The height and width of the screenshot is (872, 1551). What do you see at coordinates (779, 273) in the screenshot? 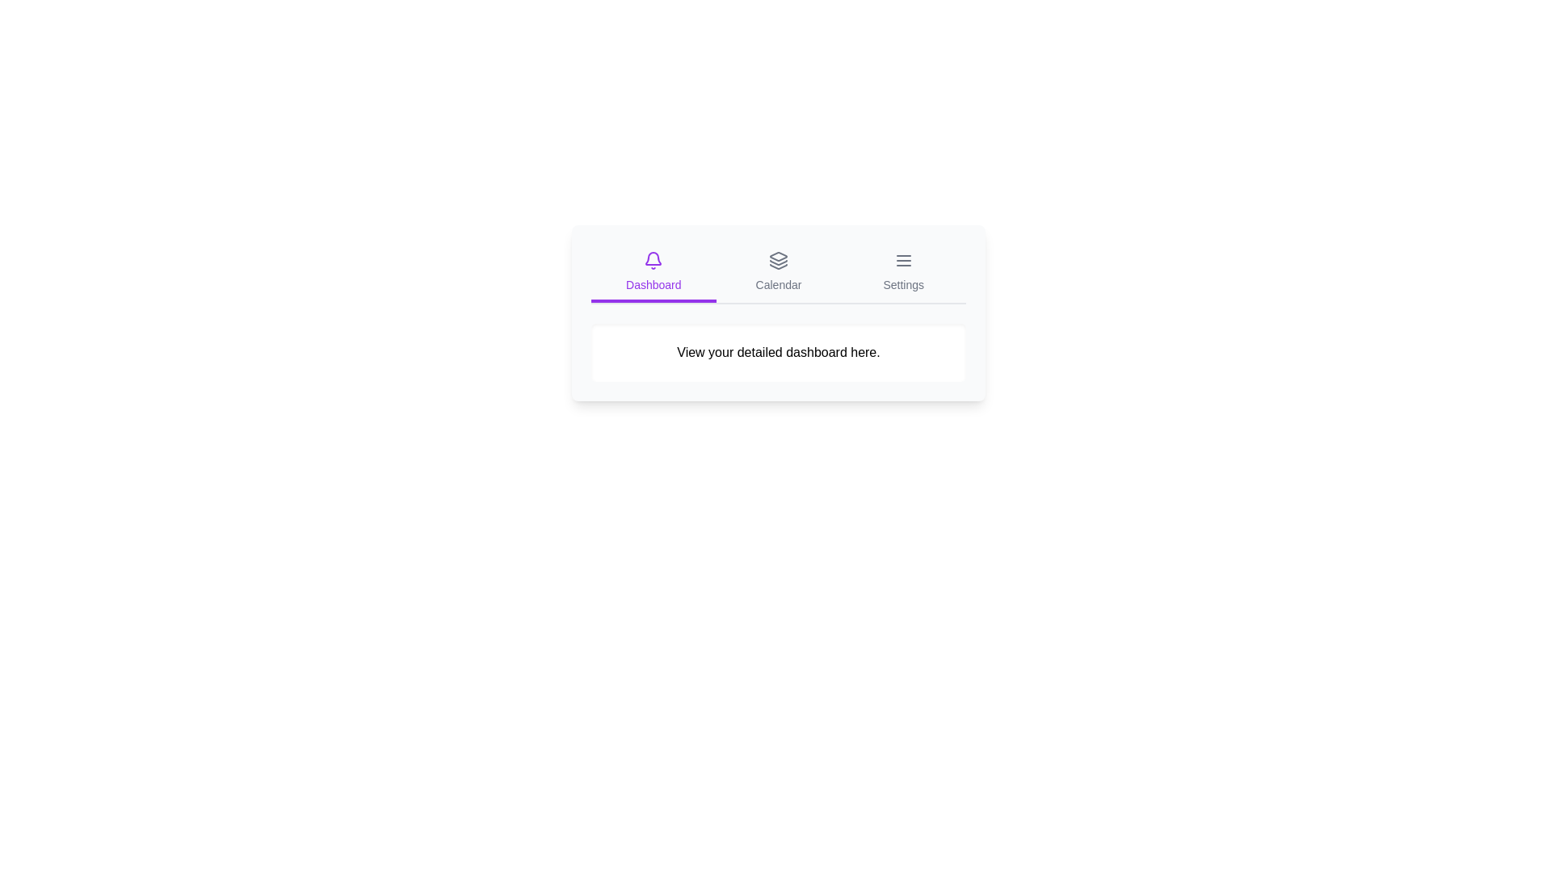
I see `the tab labeled Calendar to inspect its icon and text` at bounding box center [779, 273].